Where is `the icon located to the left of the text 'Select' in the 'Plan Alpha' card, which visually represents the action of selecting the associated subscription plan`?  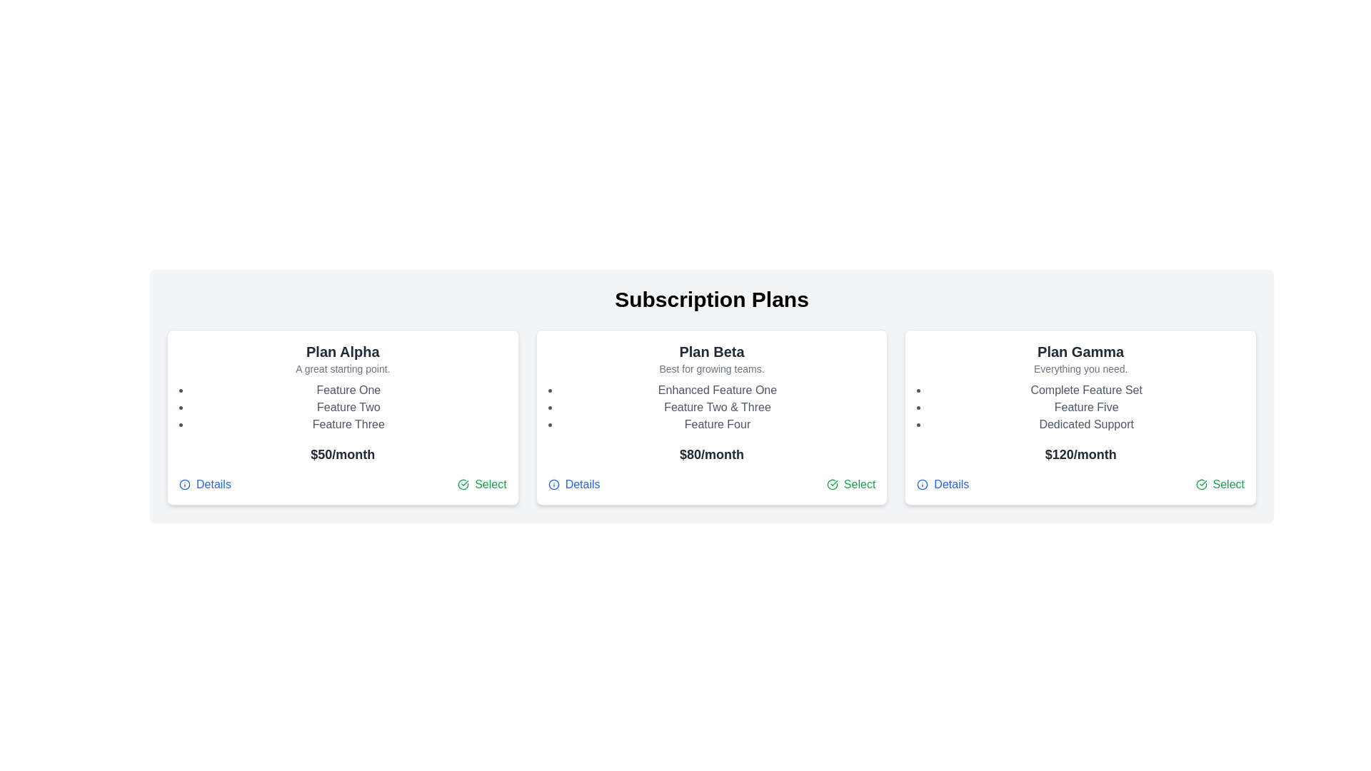 the icon located to the left of the text 'Select' in the 'Plan Alpha' card, which visually represents the action of selecting the associated subscription plan is located at coordinates (463, 483).